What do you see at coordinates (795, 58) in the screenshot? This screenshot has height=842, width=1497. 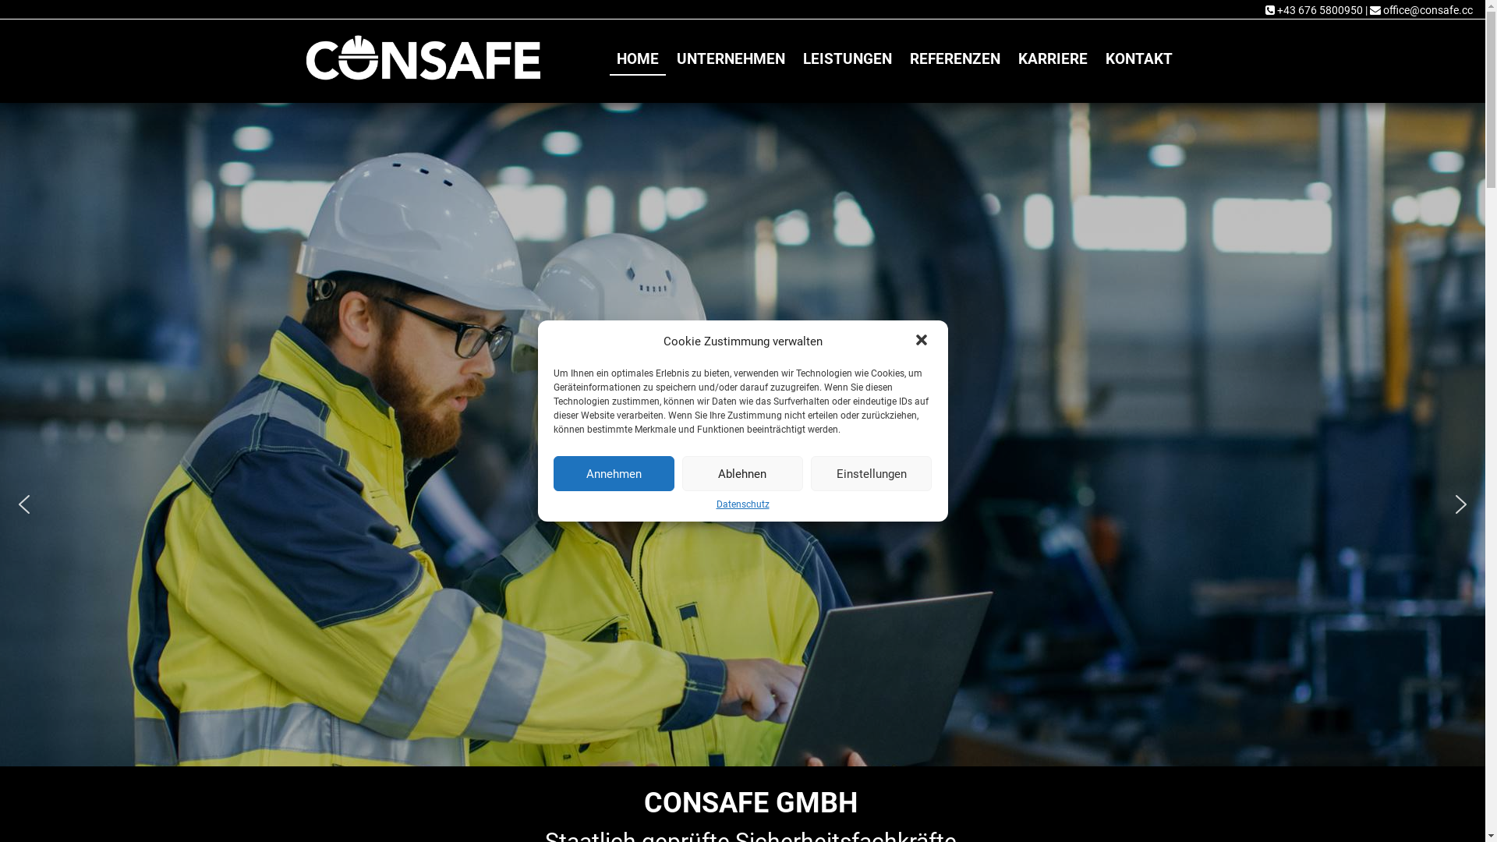 I see `'LEISTUNGEN'` at bounding box center [795, 58].